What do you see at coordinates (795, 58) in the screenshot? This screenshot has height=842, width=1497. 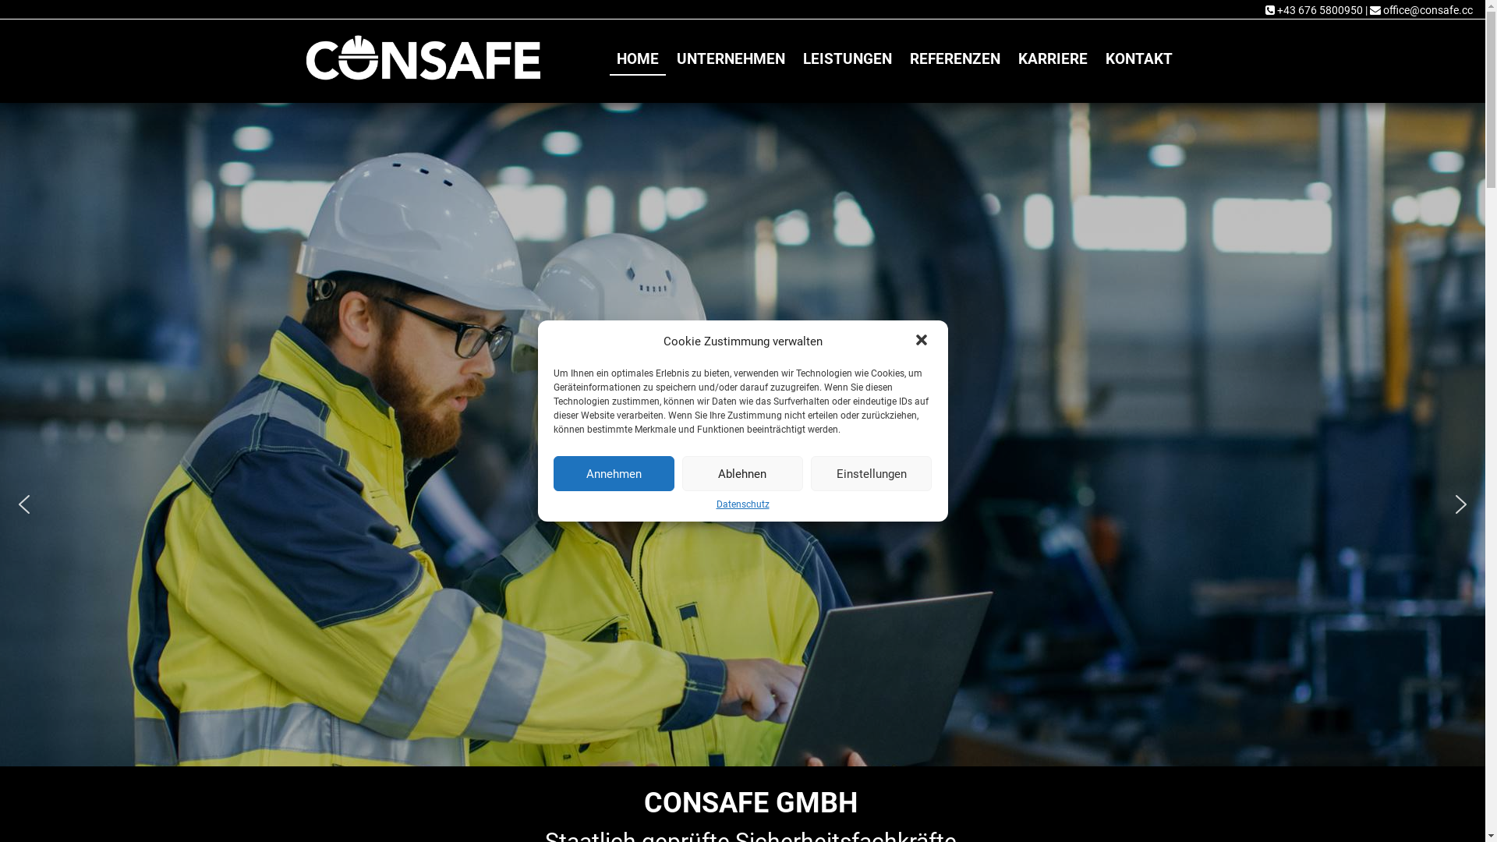 I see `'LEISTUNGEN'` at bounding box center [795, 58].